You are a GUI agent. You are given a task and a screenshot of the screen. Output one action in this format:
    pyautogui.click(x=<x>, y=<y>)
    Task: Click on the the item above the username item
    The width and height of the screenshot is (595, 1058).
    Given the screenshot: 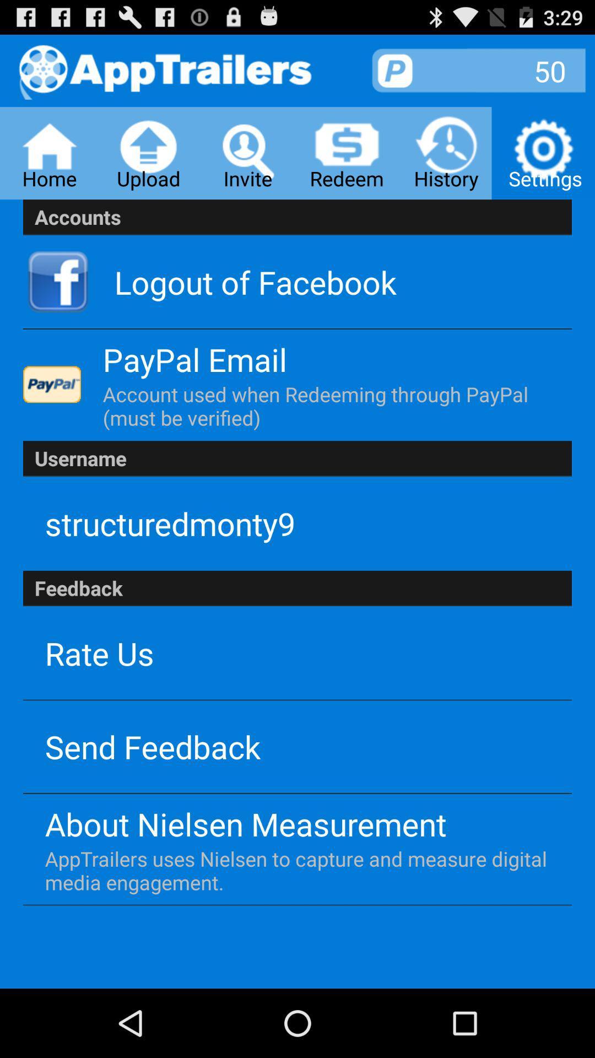 What is the action you would take?
    pyautogui.click(x=325, y=405)
    